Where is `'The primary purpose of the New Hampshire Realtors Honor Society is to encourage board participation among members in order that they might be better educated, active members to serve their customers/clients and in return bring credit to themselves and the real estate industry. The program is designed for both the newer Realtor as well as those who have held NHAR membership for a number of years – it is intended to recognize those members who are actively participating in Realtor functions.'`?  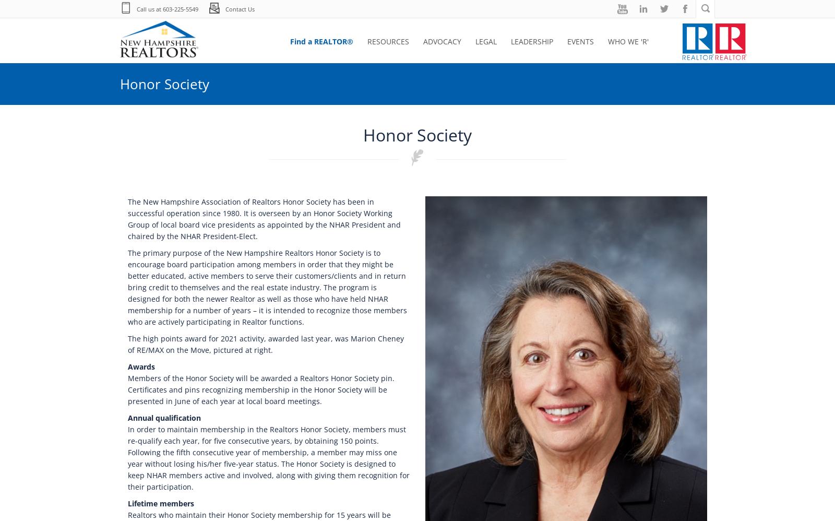
'The primary purpose of the New Hampshire Realtors Honor Society is to encourage board participation among members in order that they might be better educated, active members to serve their customers/clients and in return bring credit to themselves and the real estate industry. The program is designed for both the newer Realtor as well as those who have held NHAR membership for a number of years – it is intended to recognize those members who are actively participating in Realtor functions.' is located at coordinates (127, 287).